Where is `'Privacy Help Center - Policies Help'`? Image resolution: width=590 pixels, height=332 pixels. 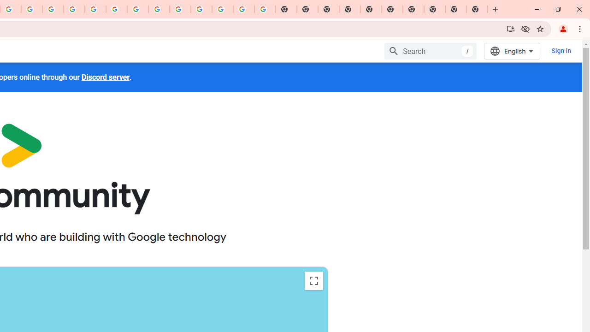
'Privacy Help Center - Policies Help' is located at coordinates (74, 9).